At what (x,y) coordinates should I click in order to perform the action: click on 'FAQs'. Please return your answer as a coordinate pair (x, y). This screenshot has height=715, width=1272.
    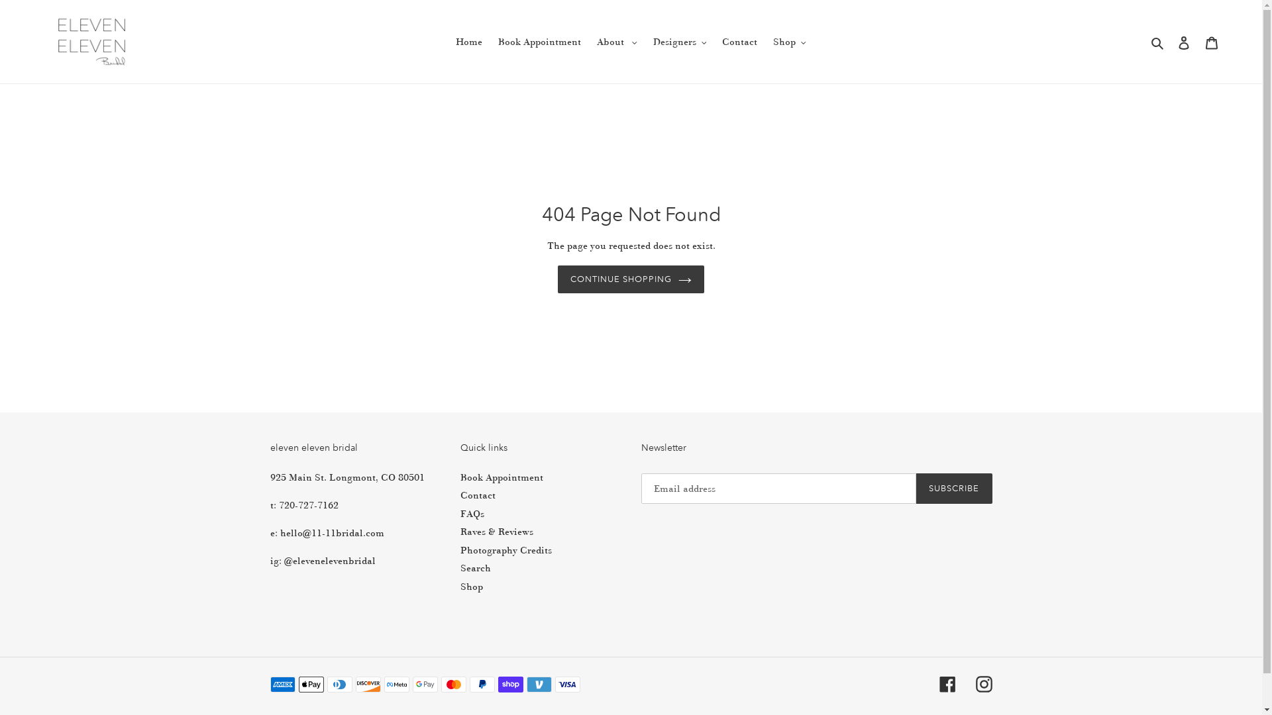
    Looking at the image, I should click on (472, 512).